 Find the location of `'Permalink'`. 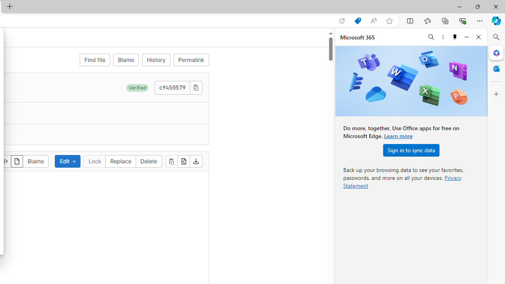

'Permalink' is located at coordinates (191, 59).